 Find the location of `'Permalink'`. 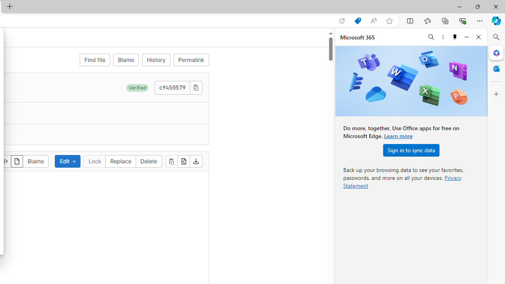

'Permalink' is located at coordinates (191, 59).